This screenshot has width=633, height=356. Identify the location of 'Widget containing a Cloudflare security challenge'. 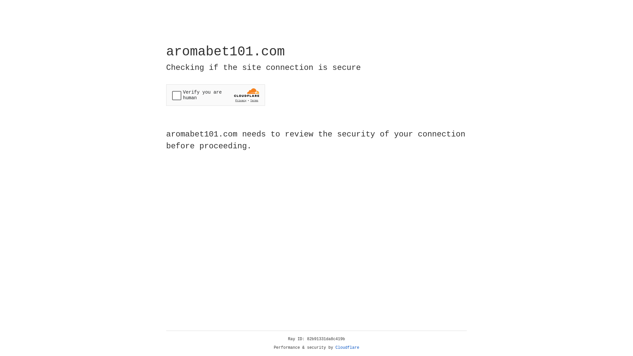
(215, 95).